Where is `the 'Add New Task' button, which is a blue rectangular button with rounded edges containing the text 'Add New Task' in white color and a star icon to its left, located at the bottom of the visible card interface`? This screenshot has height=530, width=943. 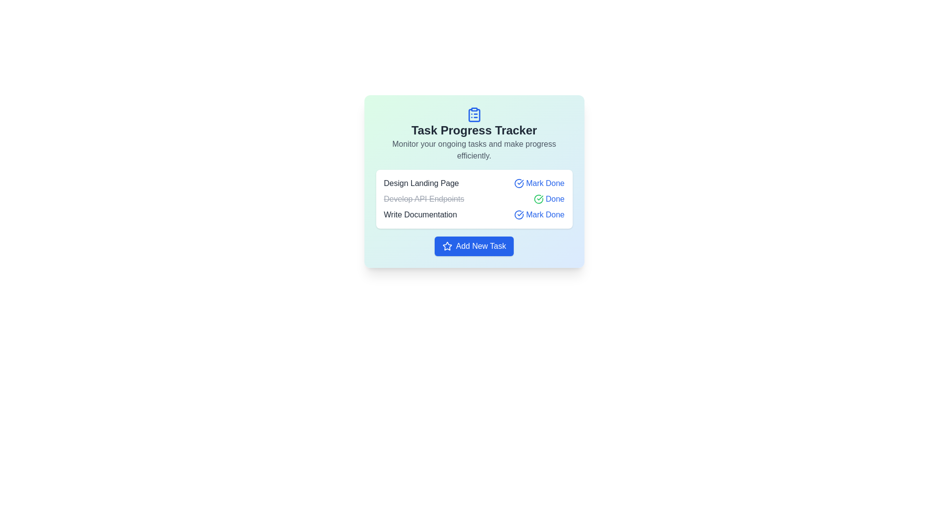
the 'Add New Task' button, which is a blue rectangular button with rounded edges containing the text 'Add New Task' in white color and a star icon to its left, located at the bottom of the visible card interface is located at coordinates (481, 245).